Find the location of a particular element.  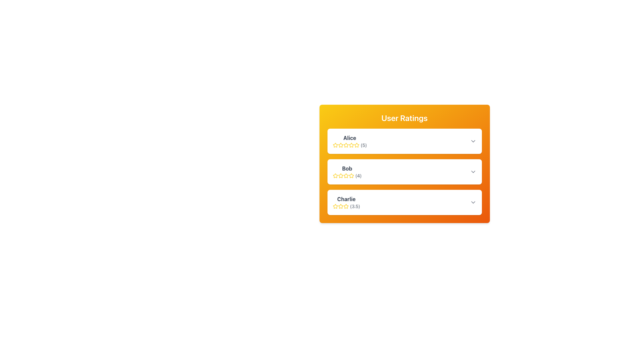

text label '(3.5)' that is styled in gray color and located to the right of the star rating display under the name 'Charlie' in the 'User Ratings' section is located at coordinates (354, 206).